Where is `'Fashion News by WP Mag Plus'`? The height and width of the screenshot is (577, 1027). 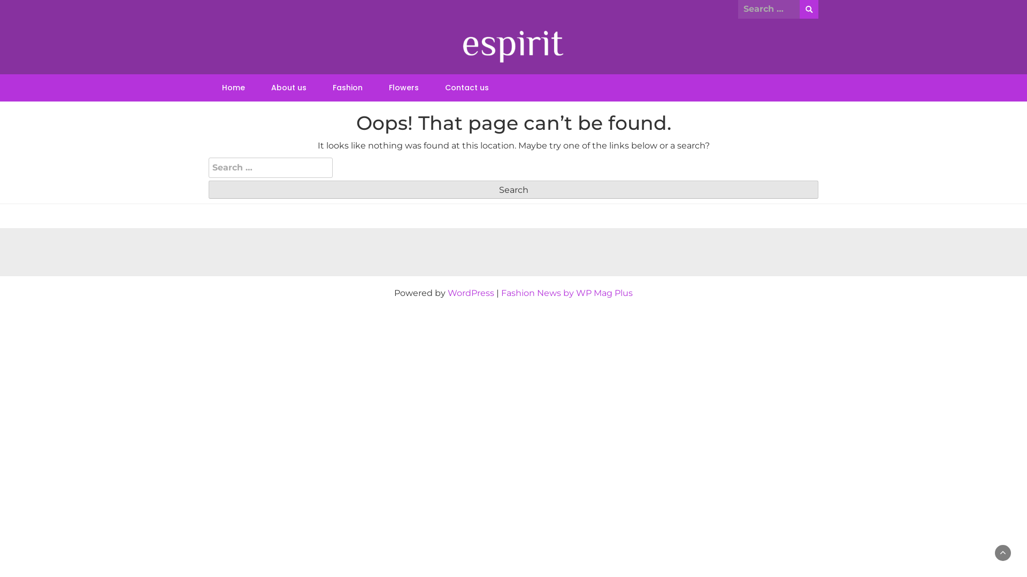
'Fashion News by WP Mag Plus' is located at coordinates (566, 293).